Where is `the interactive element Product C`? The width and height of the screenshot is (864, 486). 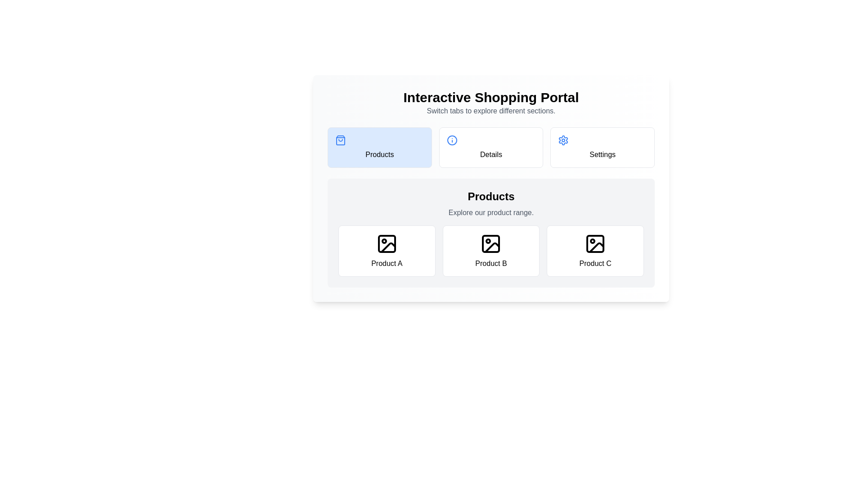
the interactive element Product C is located at coordinates (595, 251).